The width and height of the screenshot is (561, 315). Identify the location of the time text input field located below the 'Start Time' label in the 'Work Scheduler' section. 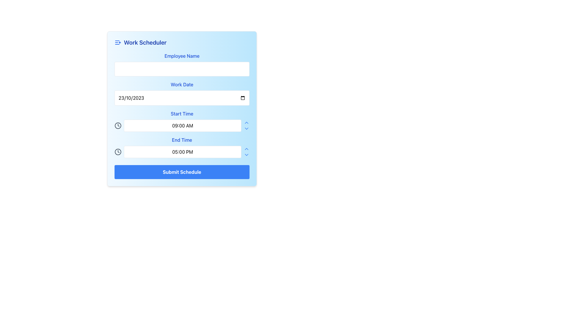
(182, 125).